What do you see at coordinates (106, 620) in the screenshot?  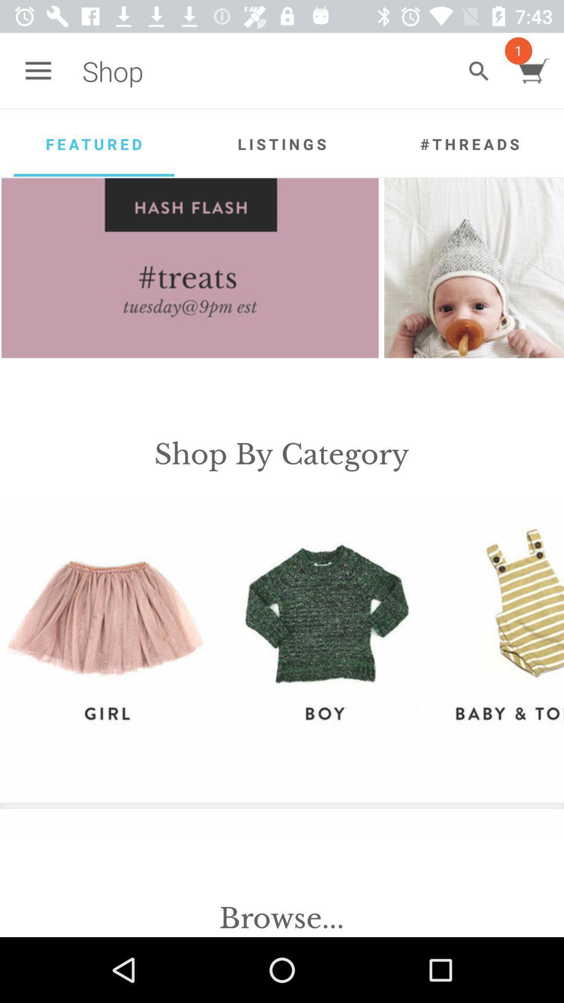 I see `girl section` at bounding box center [106, 620].